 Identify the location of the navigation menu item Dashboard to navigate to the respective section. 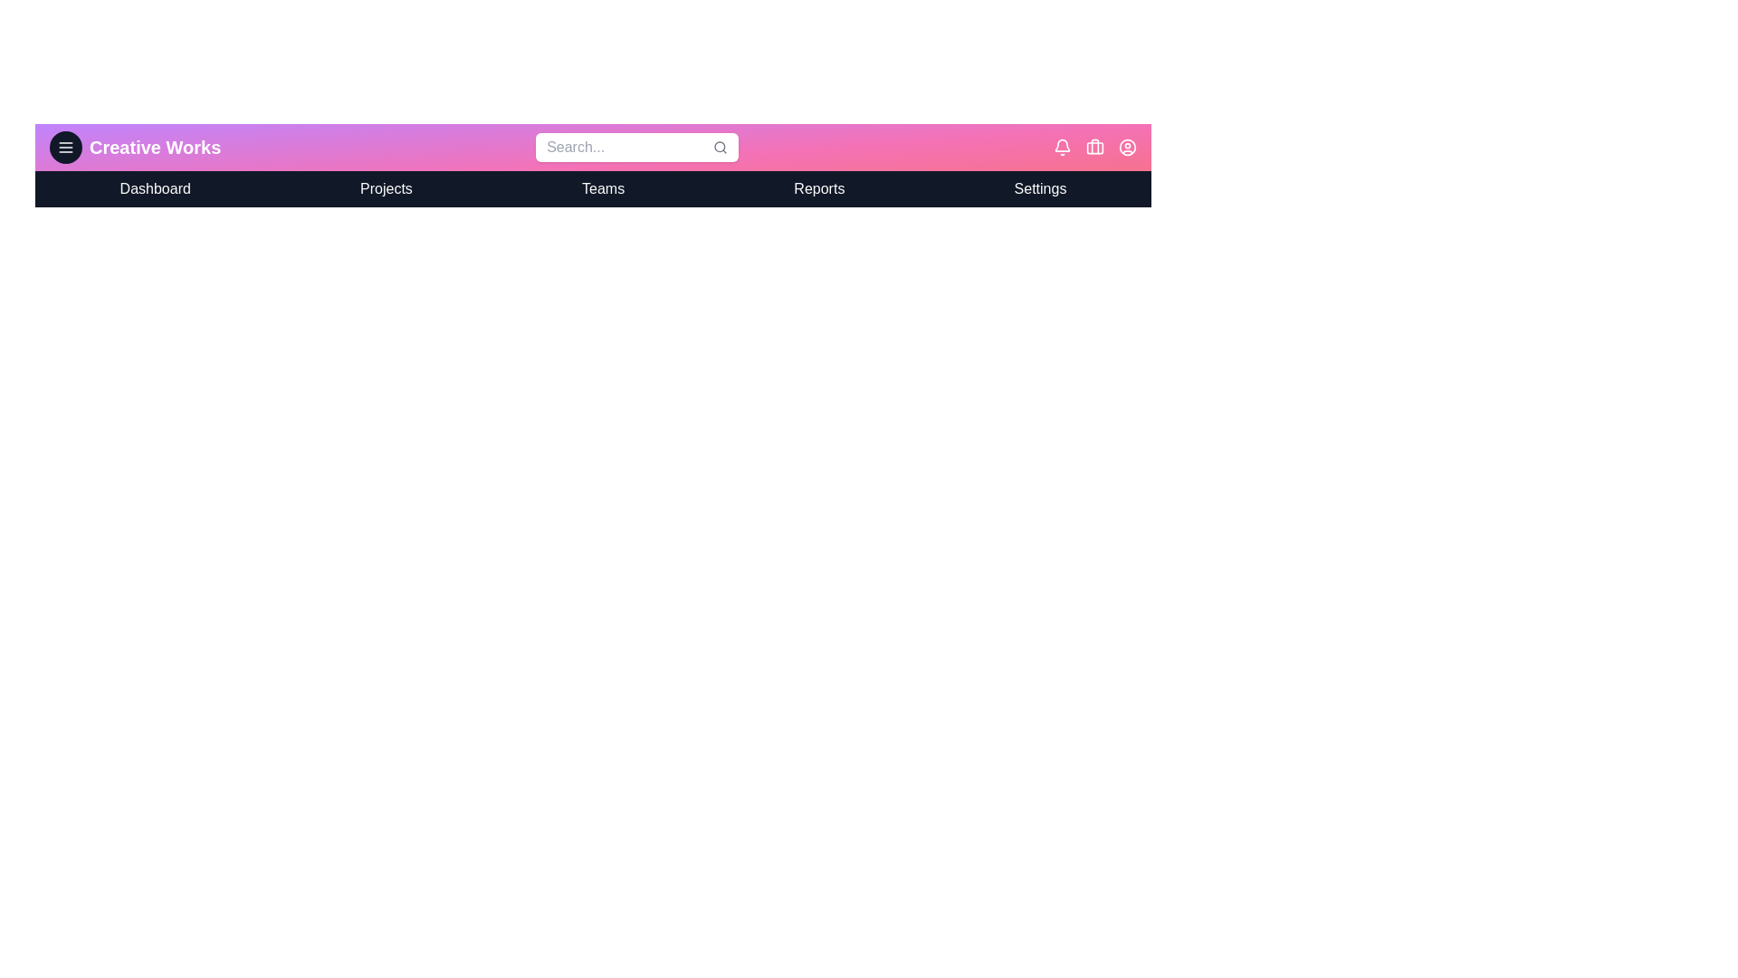
(155, 188).